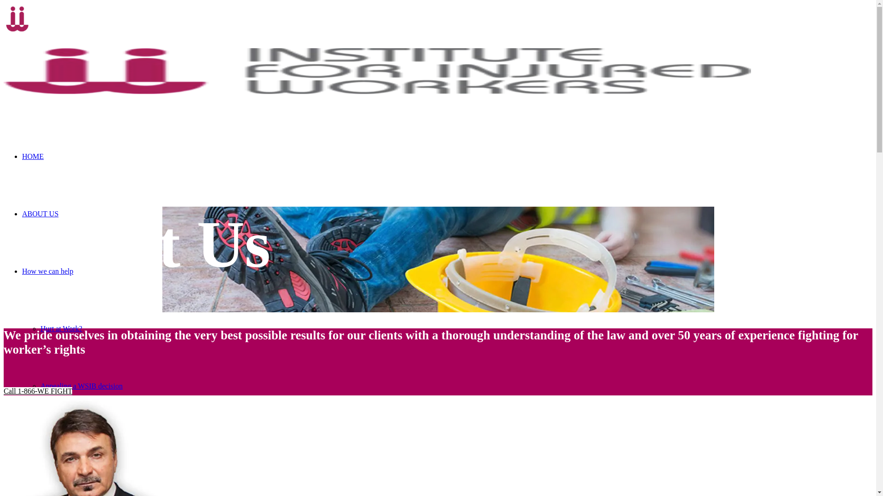  What do you see at coordinates (22, 156) in the screenshot?
I see `'HOME'` at bounding box center [22, 156].